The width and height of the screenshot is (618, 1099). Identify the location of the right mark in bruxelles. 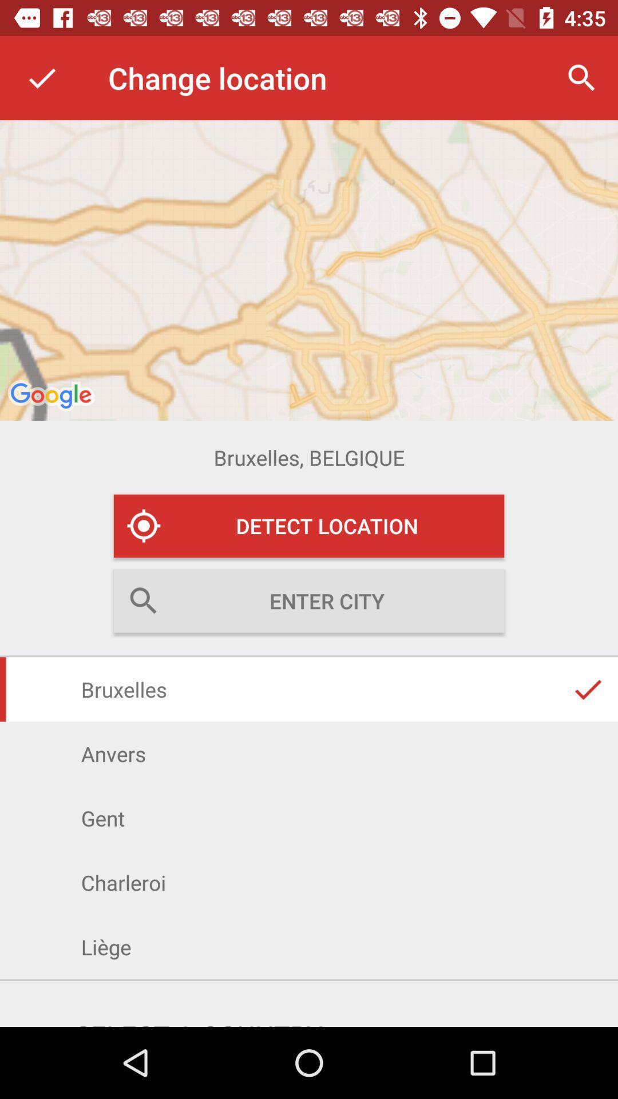
(588, 689).